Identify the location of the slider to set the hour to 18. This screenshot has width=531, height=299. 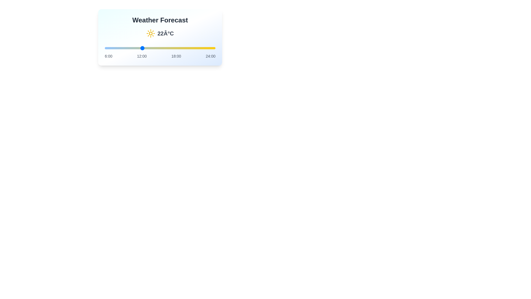
(178, 48).